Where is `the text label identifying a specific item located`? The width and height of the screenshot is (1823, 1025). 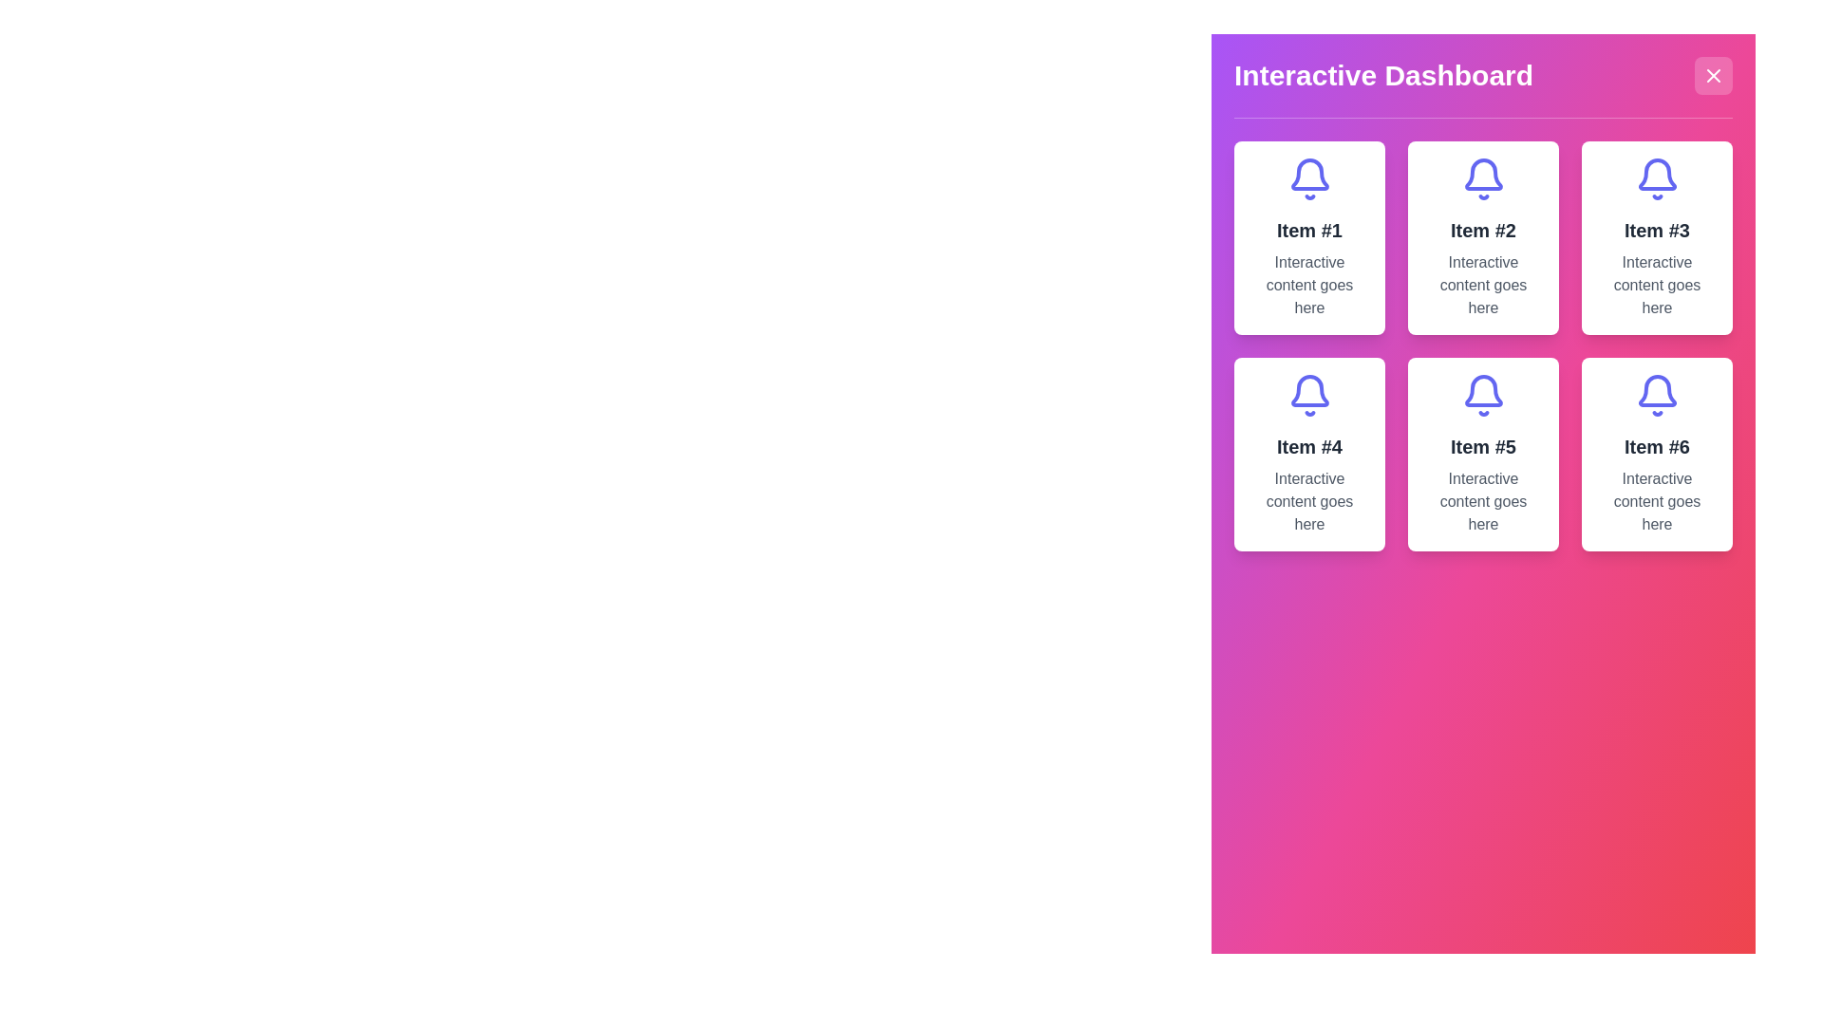 the text label identifying a specific item located is located at coordinates (1308, 446).